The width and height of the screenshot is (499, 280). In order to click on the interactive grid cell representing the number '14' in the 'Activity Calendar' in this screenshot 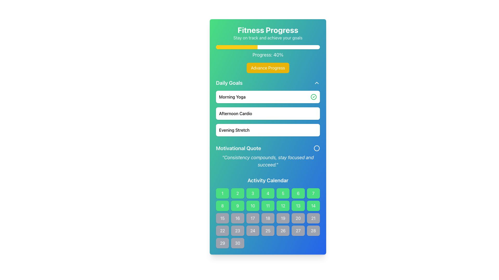, I will do `click(313, 206)`.